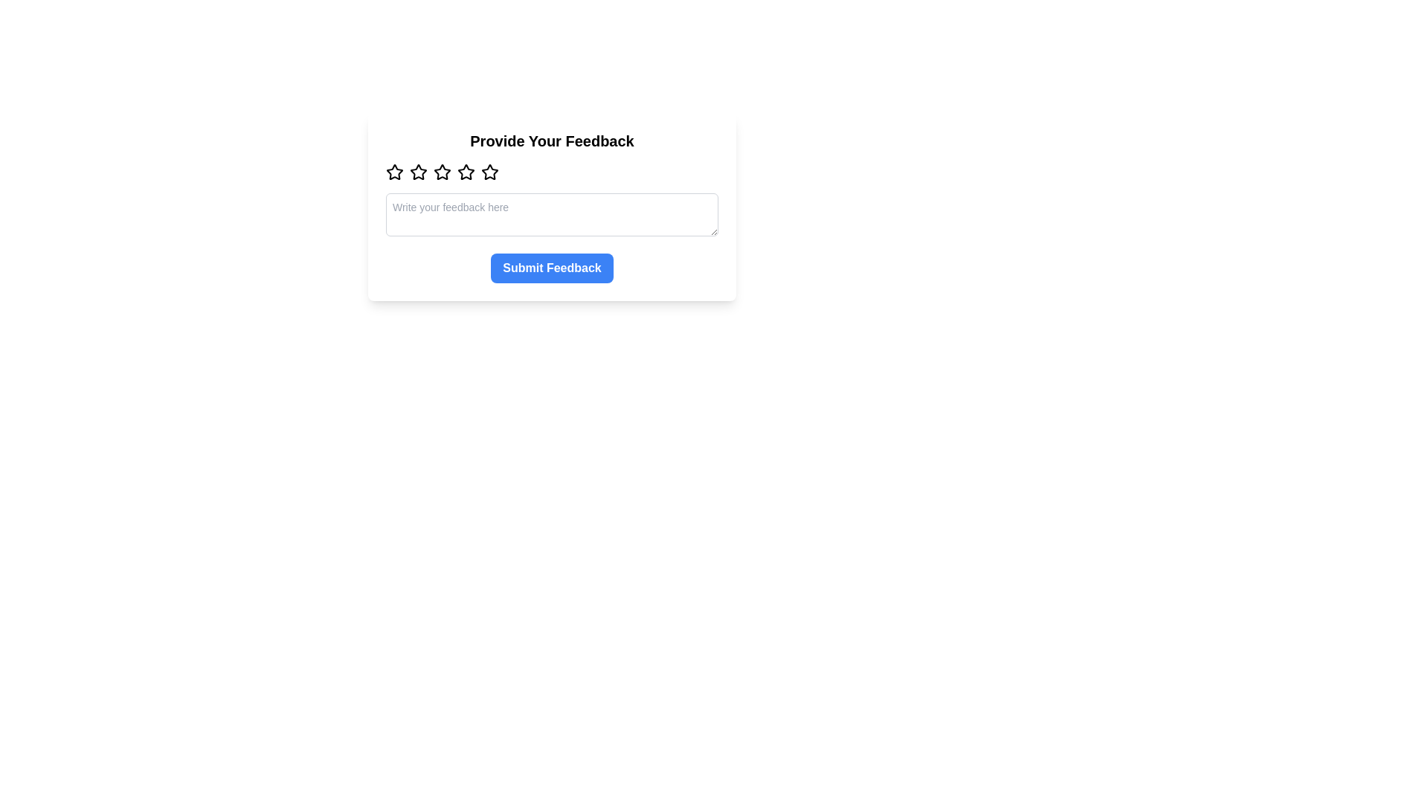 This screenshot has height=803, width=1428. I want to click on the 'Submit Feedback' button, so click(551, 268).